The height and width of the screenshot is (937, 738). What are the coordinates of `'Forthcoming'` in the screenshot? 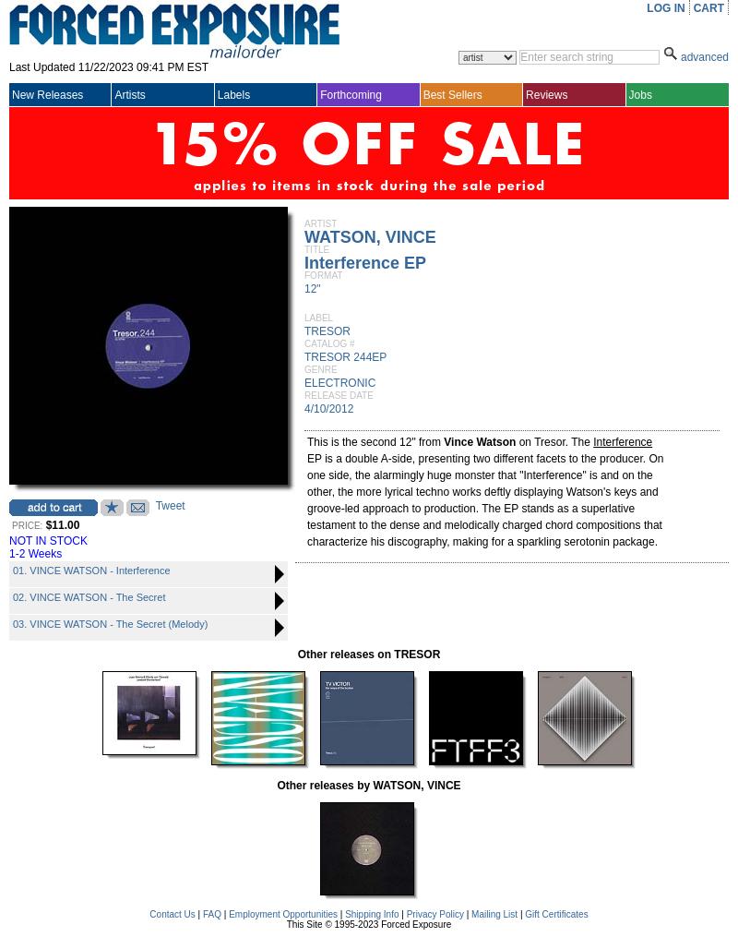 It's located at (320, 94).